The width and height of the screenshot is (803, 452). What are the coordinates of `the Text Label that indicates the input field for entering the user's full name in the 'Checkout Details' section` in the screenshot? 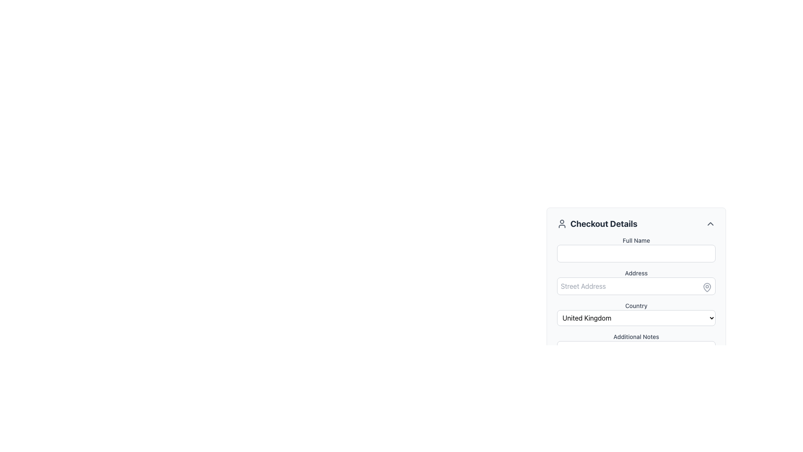 It's located at (636, 240).